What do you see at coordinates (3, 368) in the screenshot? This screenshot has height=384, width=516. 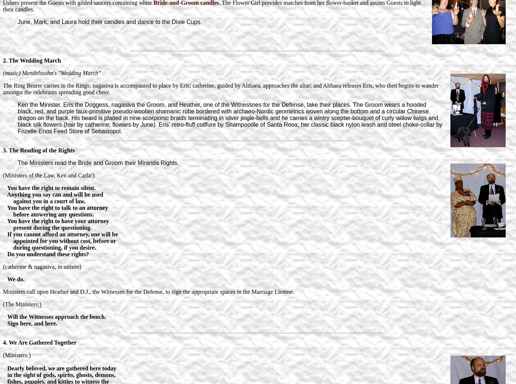 I see `'Dearly beloved, we are gathered here today'` at bounding box center [3, 368].